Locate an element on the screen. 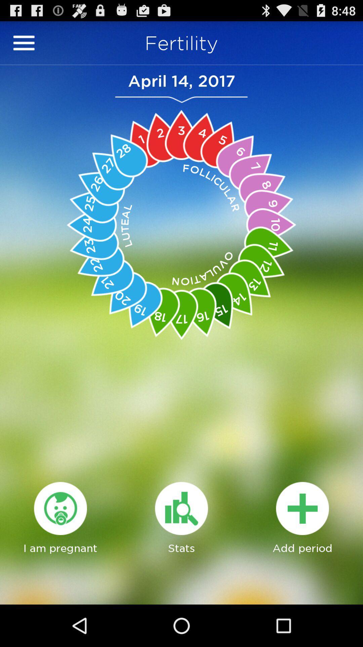  the icon which is above i am pregnant is located at coordinates (61, 508).